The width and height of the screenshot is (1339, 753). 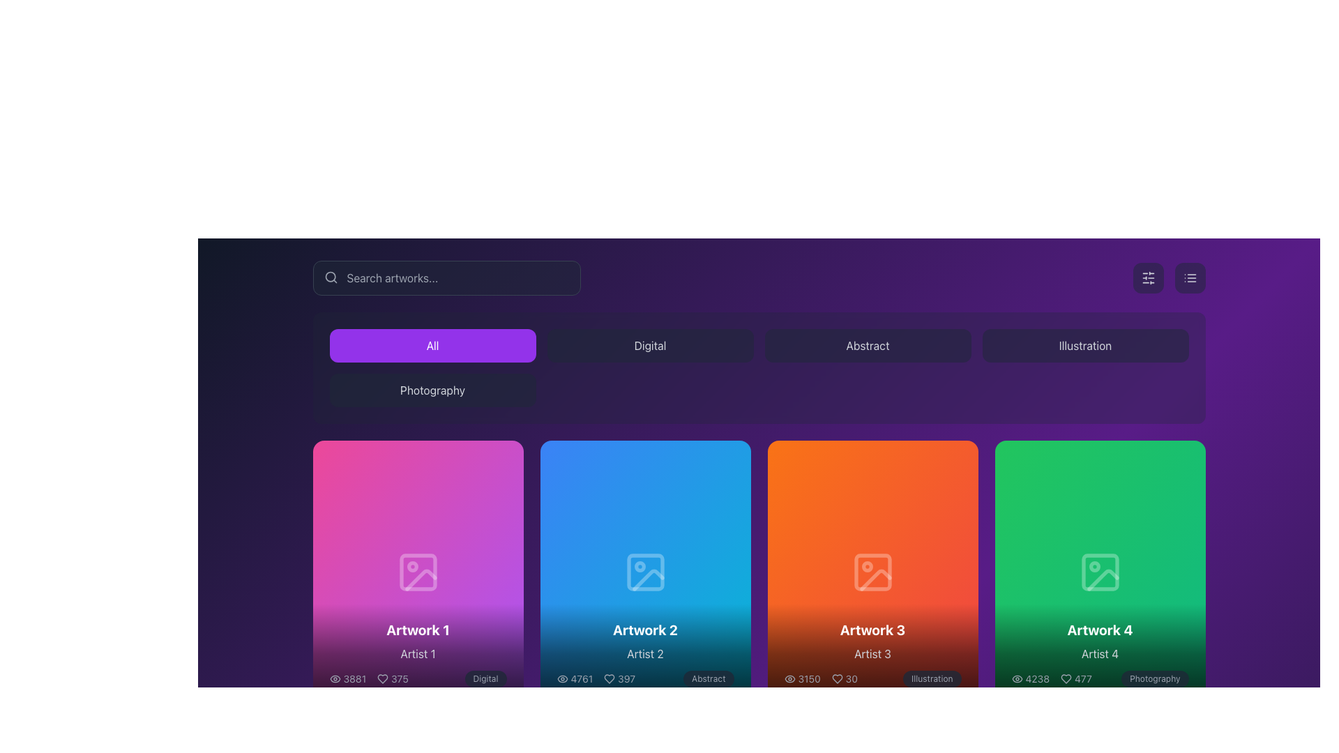 What do you see at coordinates (789, 678) in the screenshot?
I see `the views icon located to the left of the text '3150', which indicates the number of views for 'Artwork 3'` at bounding box center [789, 678].